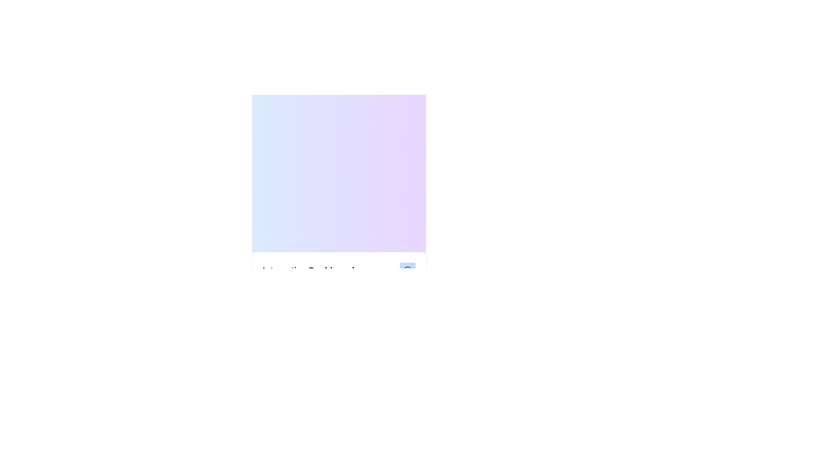 This screenshot has width=839, height=472. Describe the element at coordinates (407, 269) in the screenshot. I see `the rounded rectangular button with a light blue background that contains the icon located at the top-center` at that location.